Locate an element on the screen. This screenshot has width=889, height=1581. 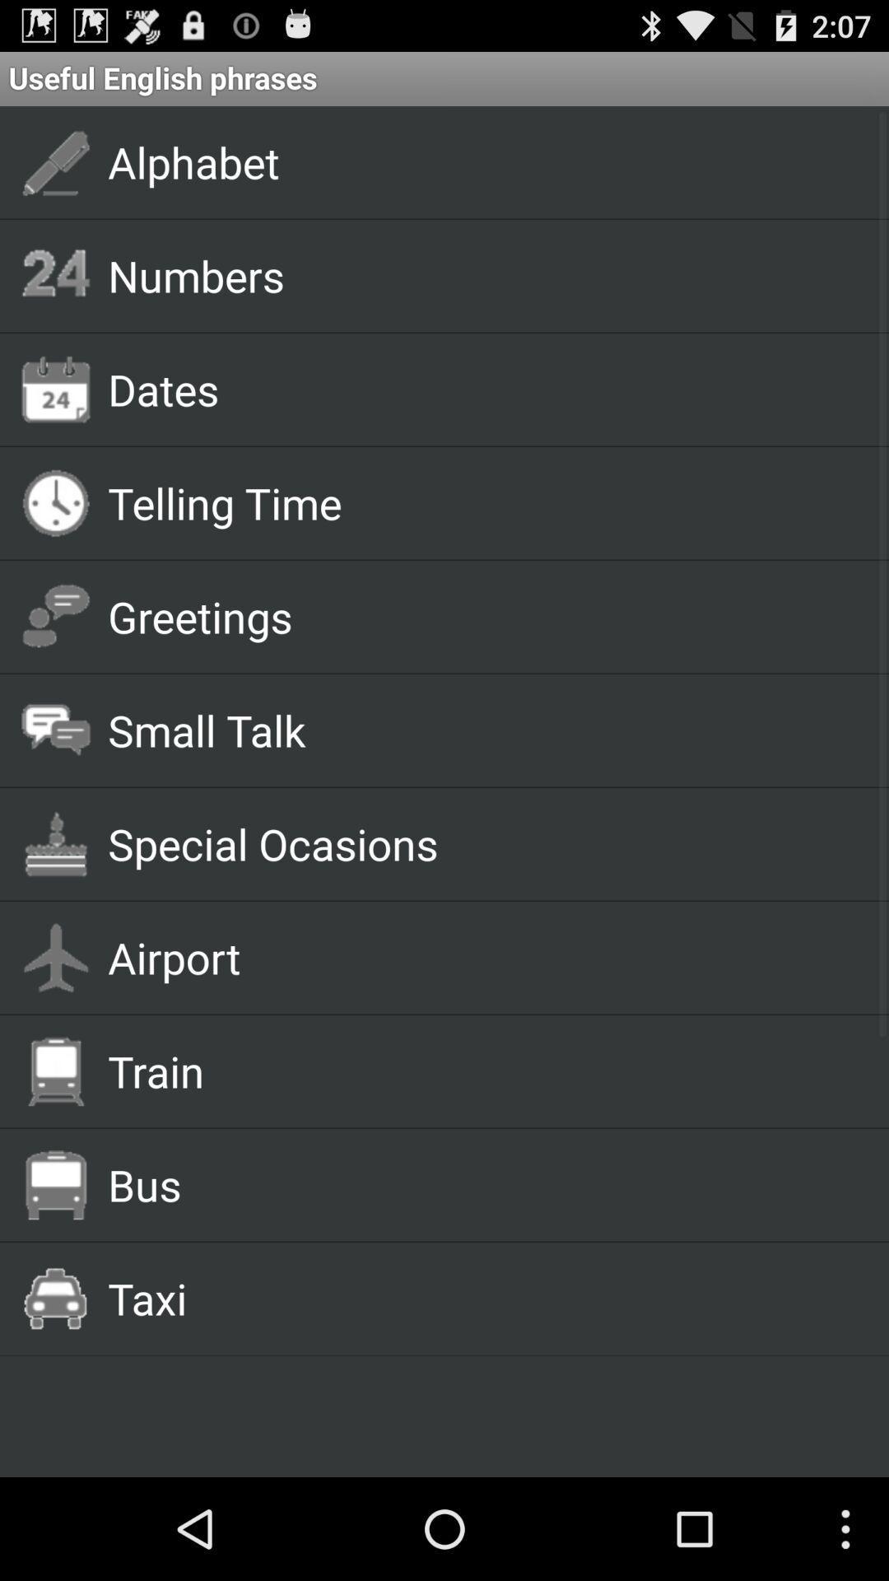
airport is located at coordinates (479, 957).